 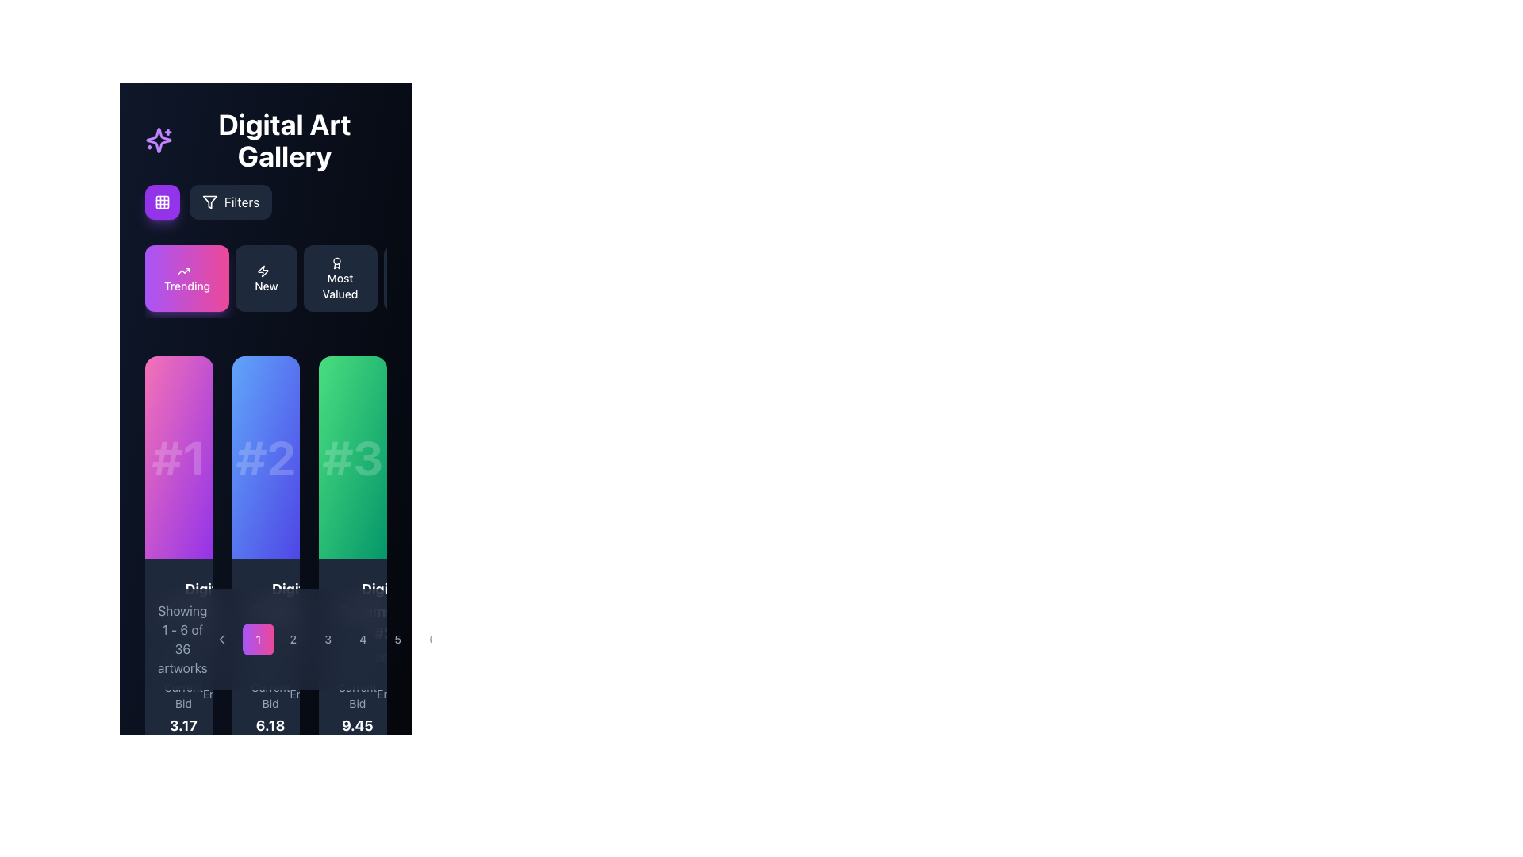 What do you see at coordinates (221, 639) in the screenshot?
I see `the SVG icon within the dark-colored button that features a left-pointing chevron, which is part of the pagination control near the numeric label '1' to trigger the hover effect` at bounding box center [221, 639].